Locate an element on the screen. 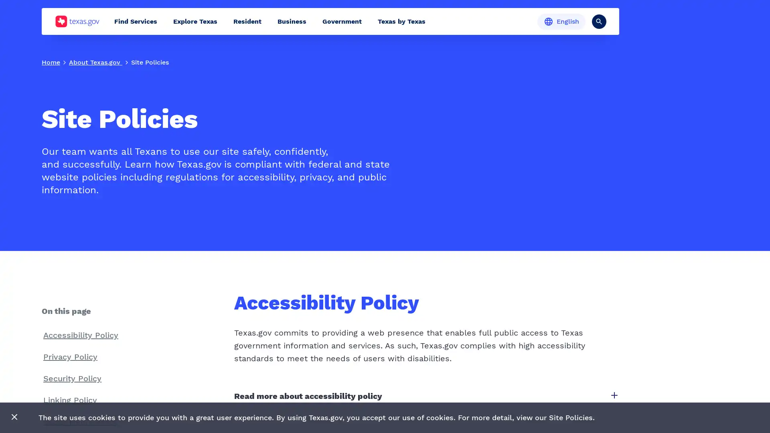 The height and width of the screenshot is (433, 770). Business is located at coordinates (292, 21).